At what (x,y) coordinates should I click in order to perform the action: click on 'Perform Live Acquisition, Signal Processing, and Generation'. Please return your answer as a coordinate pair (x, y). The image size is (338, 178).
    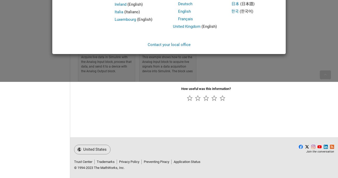
    Looking at the image, I should click on (81, 45).